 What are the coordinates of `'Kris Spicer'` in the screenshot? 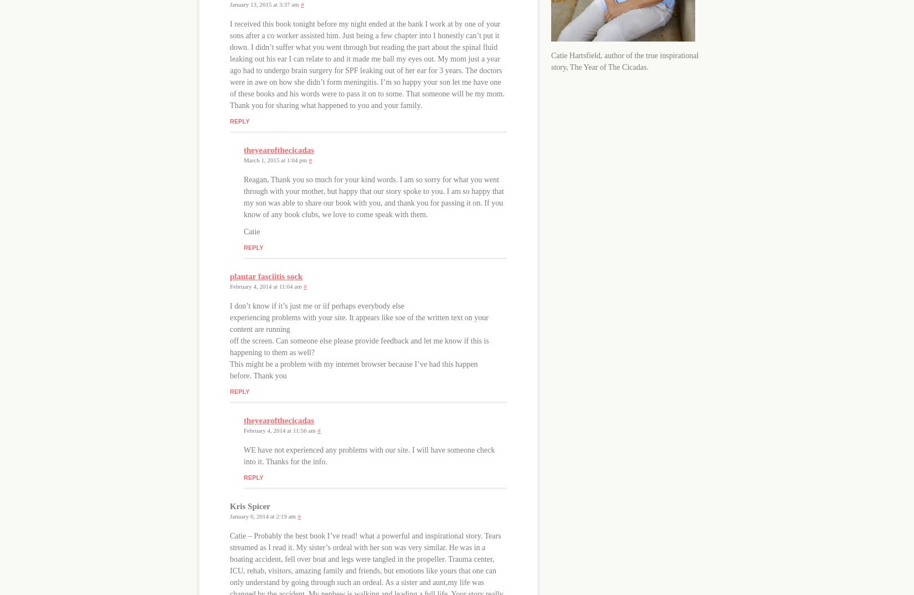 It's located at (229, 505).